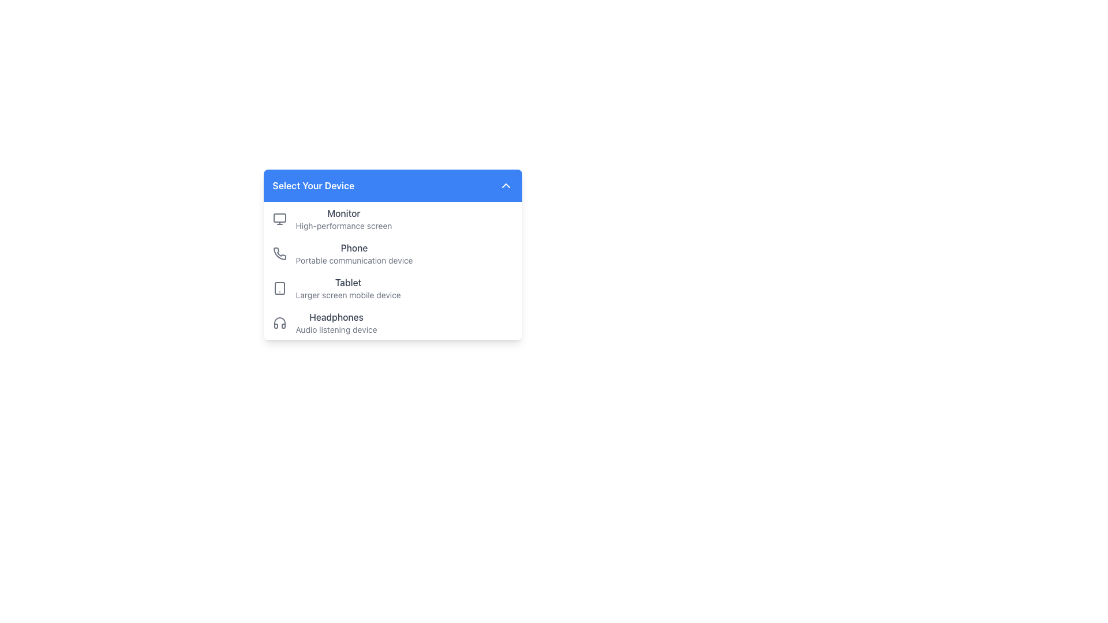 This screenshot has height=623, width=1108. What do you see at coordinates (506, 185) in the screenshot?
I see `the toggle icon located on the far right side of the 'Select Your Device' section header` at bounding box center [506, 185].